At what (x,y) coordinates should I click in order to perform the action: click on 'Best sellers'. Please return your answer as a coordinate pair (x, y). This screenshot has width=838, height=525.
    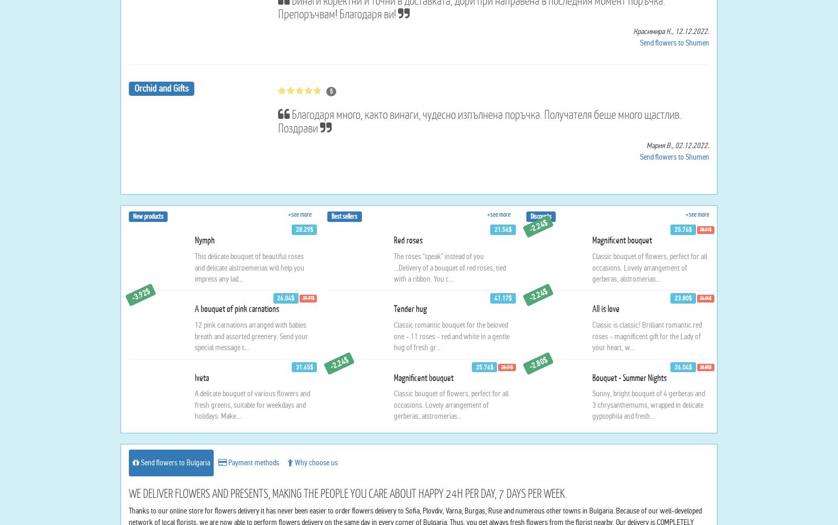
    Looking at the image, I should click on (344, 317).